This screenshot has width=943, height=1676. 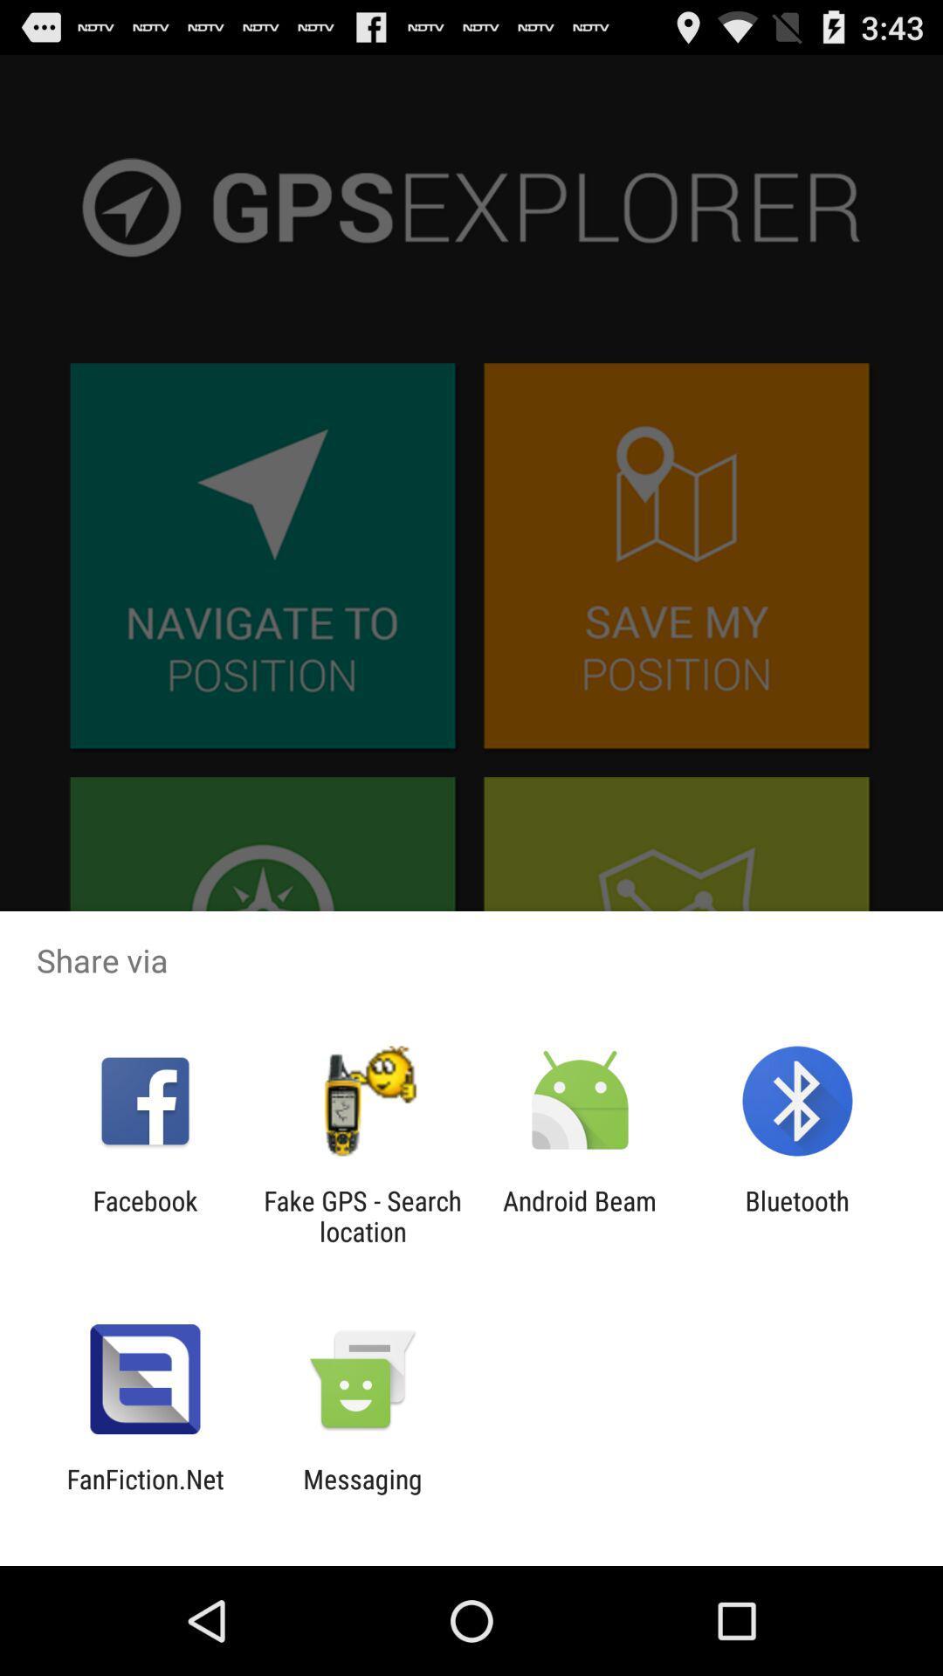 What do you see at coordinates (144, 1494) in the screenshot?
I see `the fanfiction.net app` at bounding box center [144, 1494].